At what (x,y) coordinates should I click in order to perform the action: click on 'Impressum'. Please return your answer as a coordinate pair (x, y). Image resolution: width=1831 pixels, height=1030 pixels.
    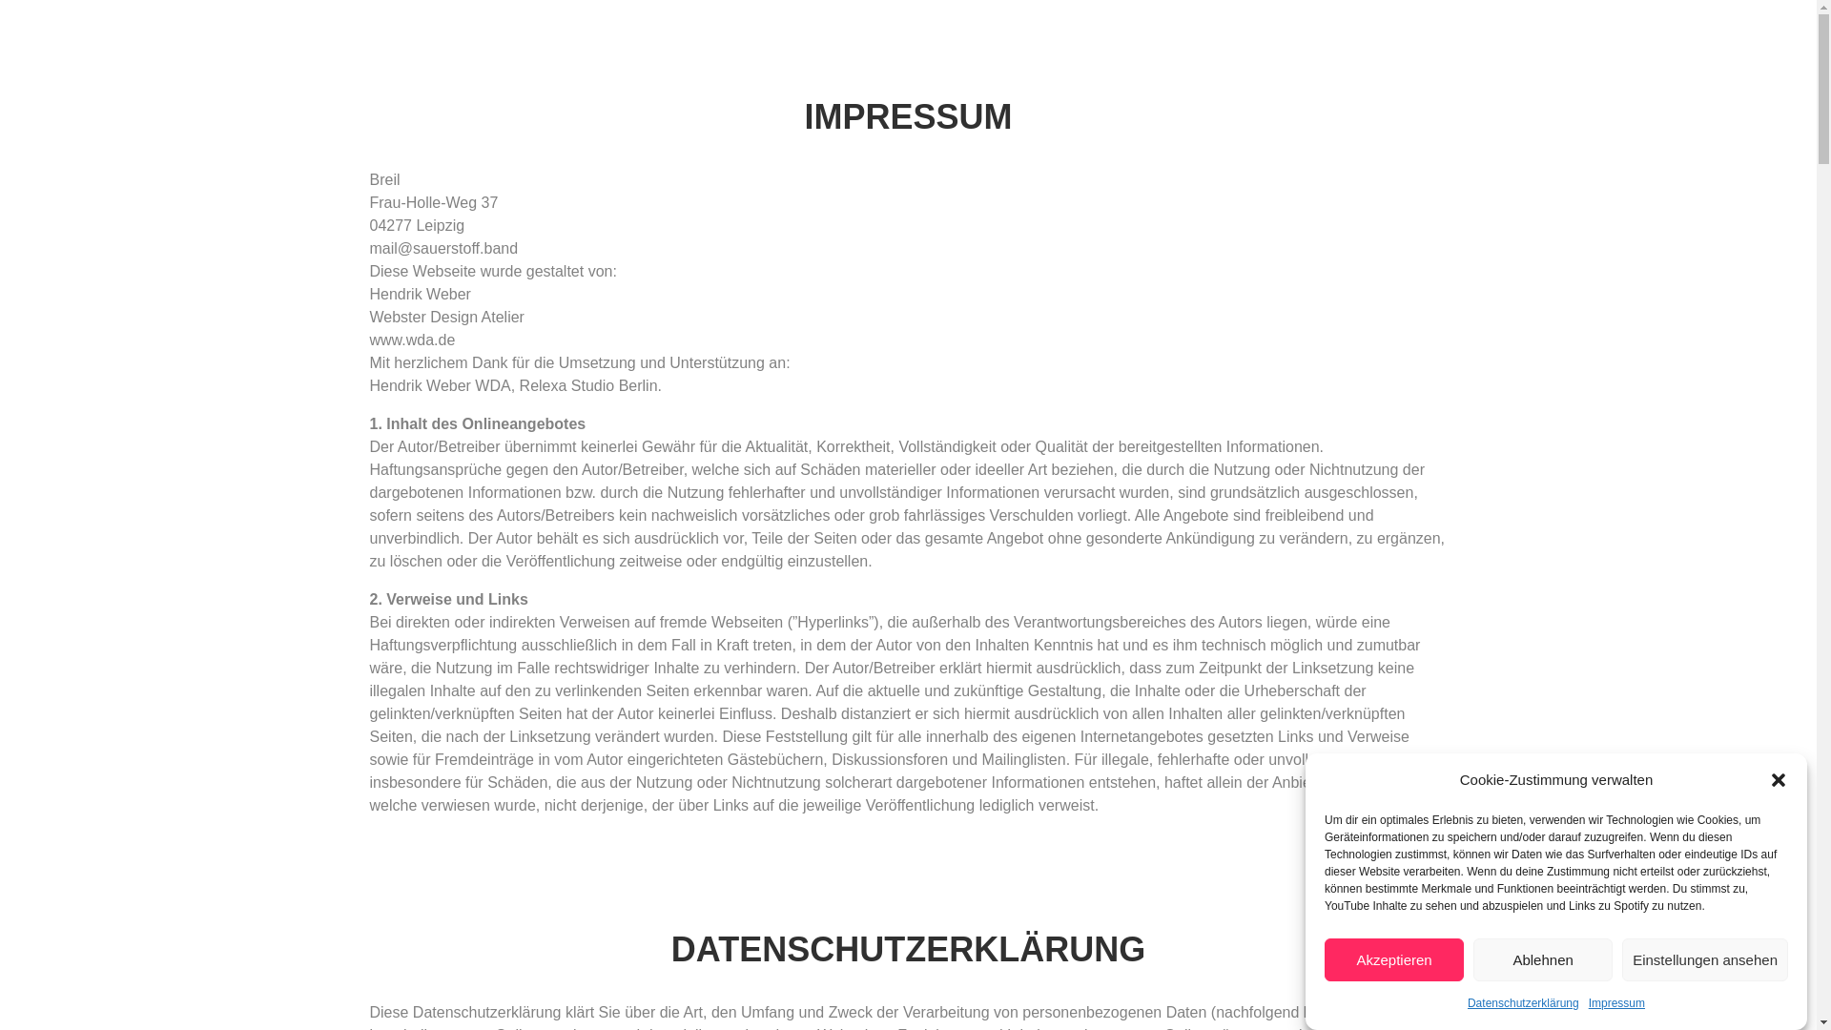
    Looking at the image, I should click on (1615, 1002).